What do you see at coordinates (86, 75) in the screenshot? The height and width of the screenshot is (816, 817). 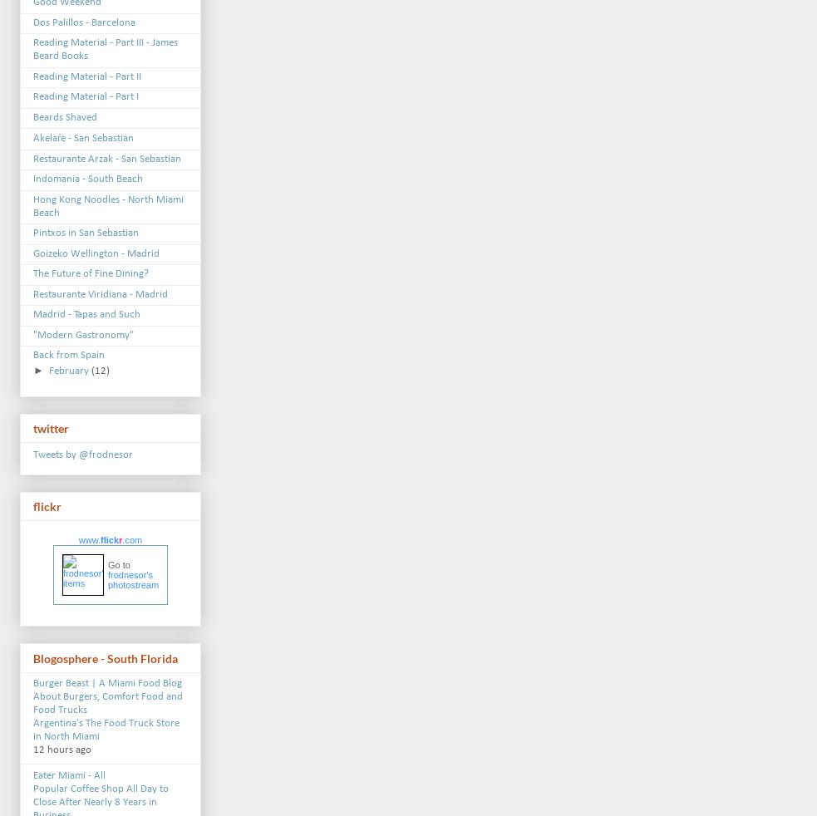 I see `'Reading Material - Part II'` at bounding box center [86, 75].